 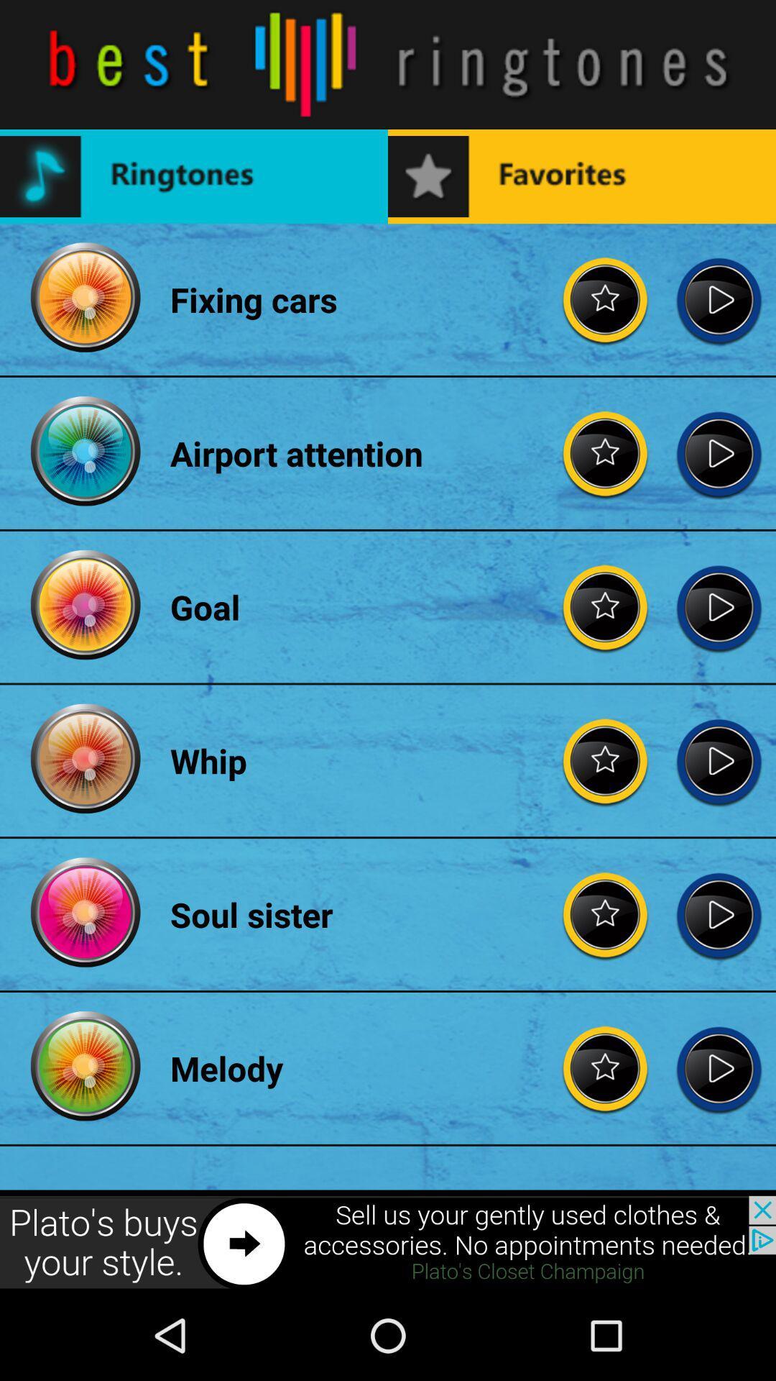 What do you see at coordinates (606, 452) in the screenshot?
I see `ringtone` at bounding box center [606, 452].